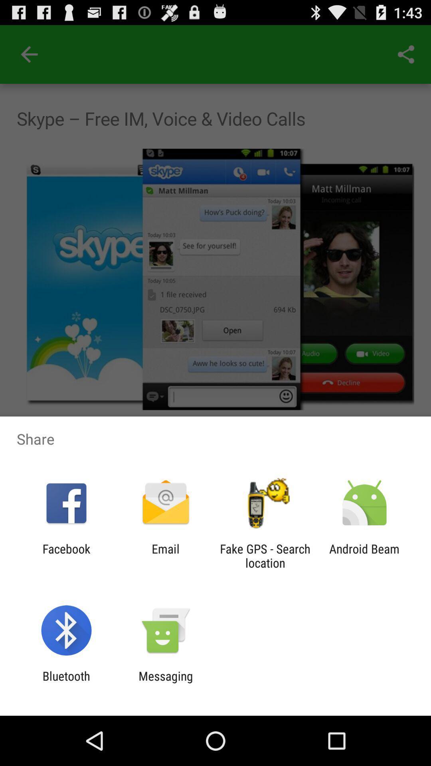 This screenshot has height=766, width=431. I want to click on icon next to fake gps search item, so click(364, 555).